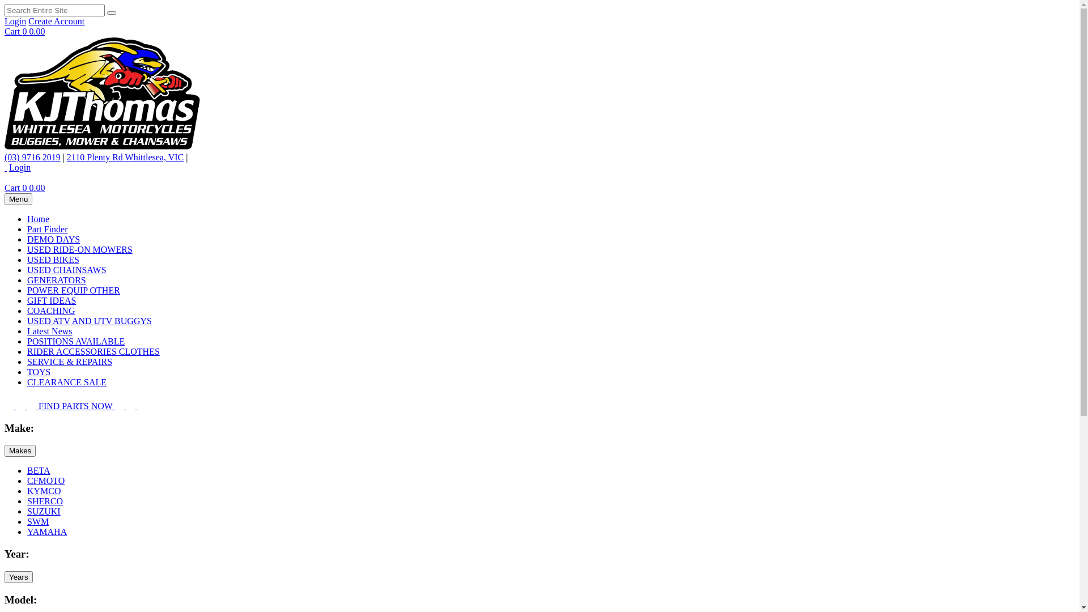  I want to click on 'RIDER ACCESSORIES CLOTHES', so click(93, 351).